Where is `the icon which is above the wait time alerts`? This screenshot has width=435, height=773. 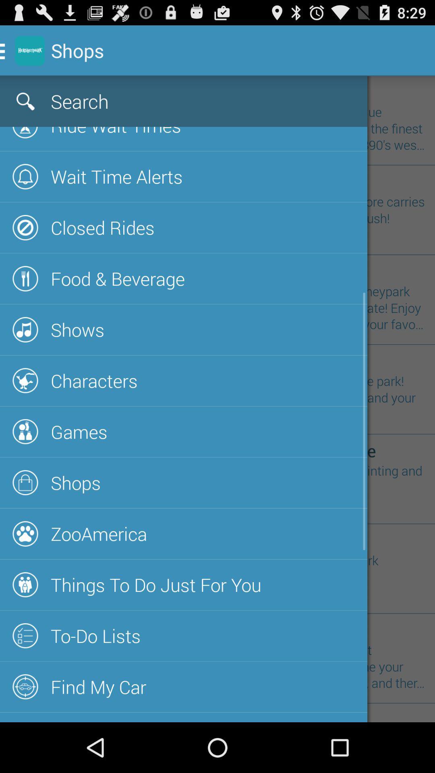 the icon which is above the wait time alerts is located at coordinates (25, 132).